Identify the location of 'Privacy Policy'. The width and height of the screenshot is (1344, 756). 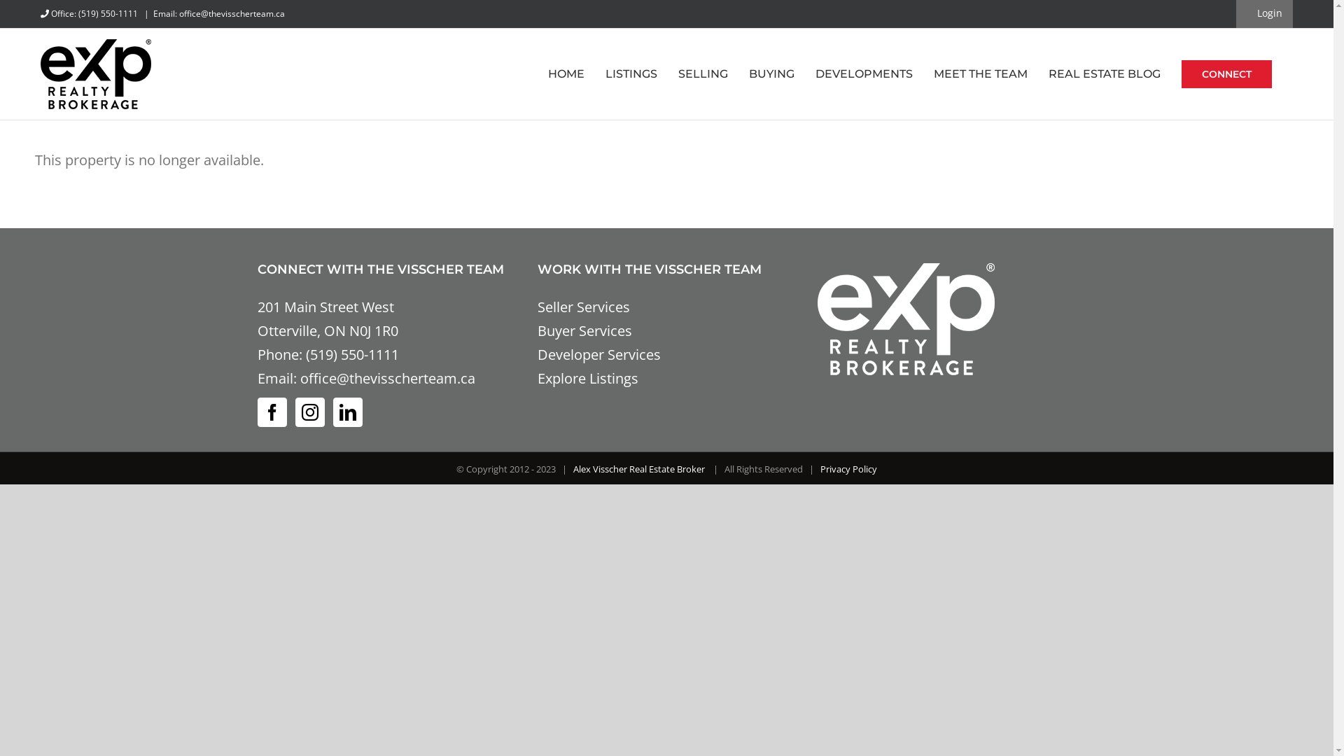
(848, 469).